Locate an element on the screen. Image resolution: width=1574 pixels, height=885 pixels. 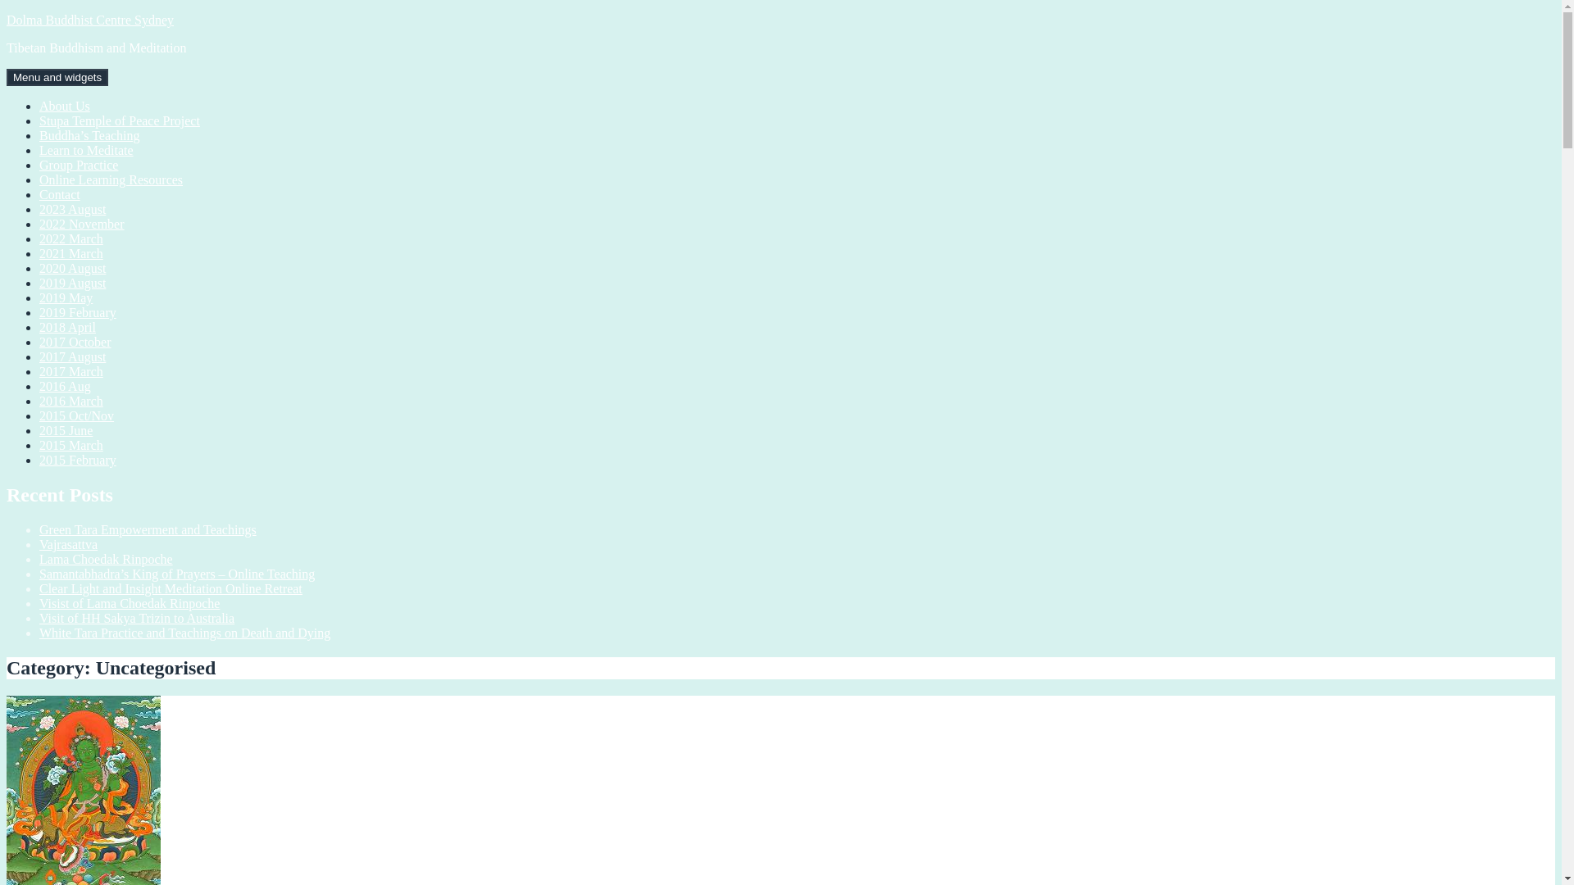
'2022 March' is located at coordinates (70, 238).